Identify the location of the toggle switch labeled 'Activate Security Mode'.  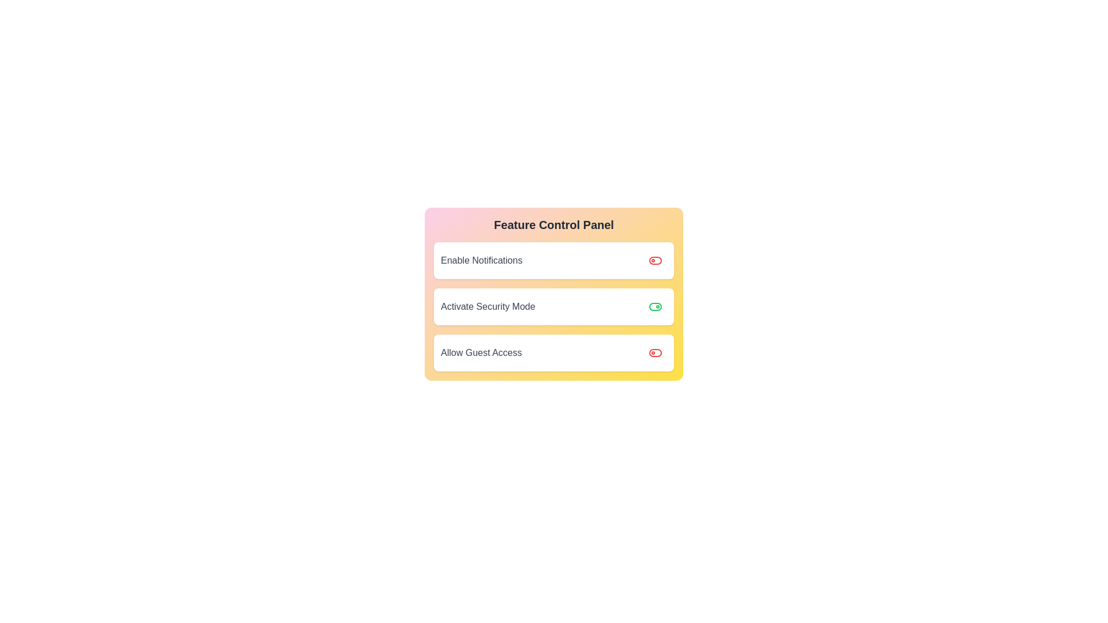
(656, 306).